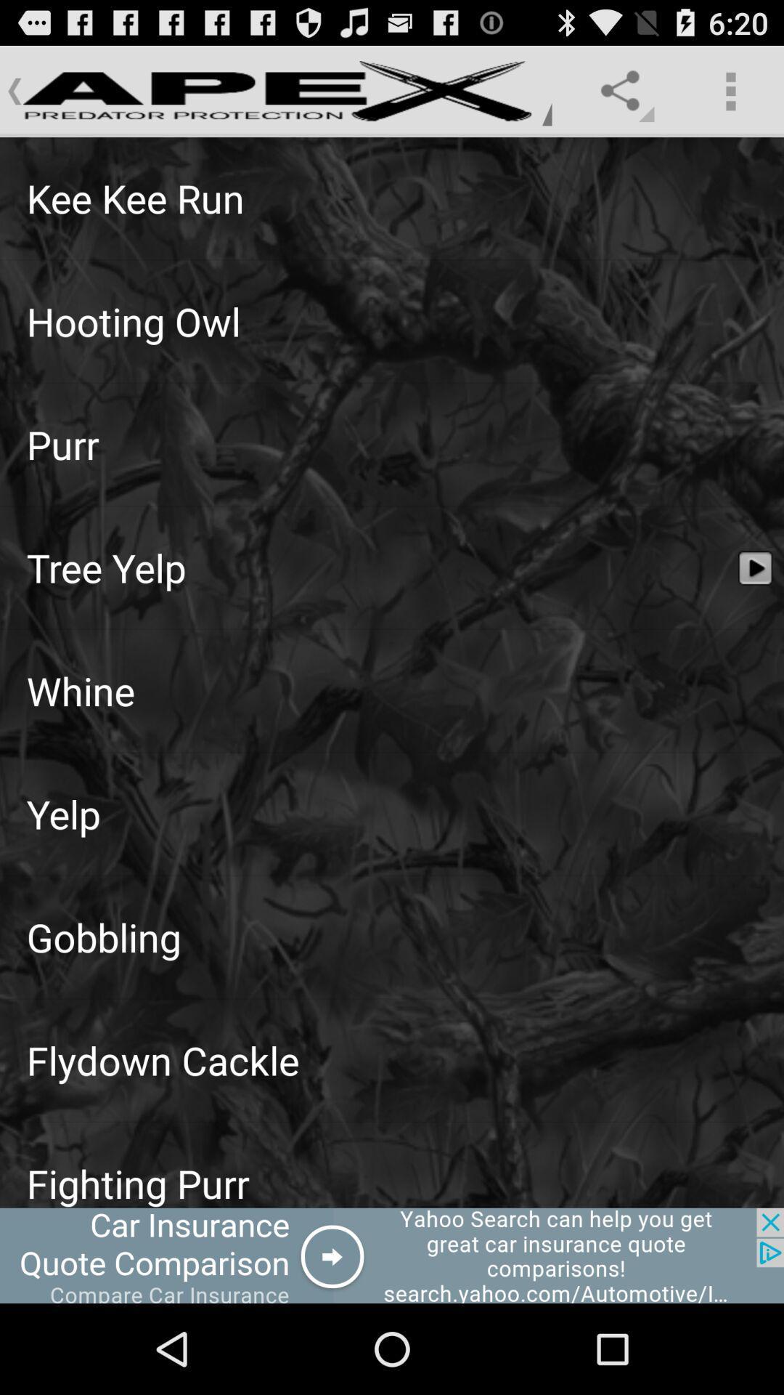 The height and width of the screenshot is (1395, 784). Describe the element at coordinates (392, 1255) in the screenshot. I see `advert pop up` at that location.